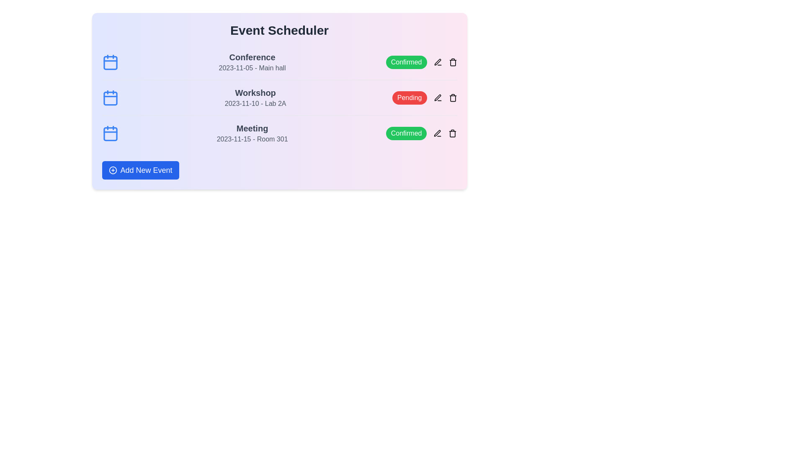 The image size is (804, 452). I want to click on the edit button located to the right of the 'Pending' status button and to the left of the trash can icon for the 'Workshop' event to initiate editing, so click(437, 98).